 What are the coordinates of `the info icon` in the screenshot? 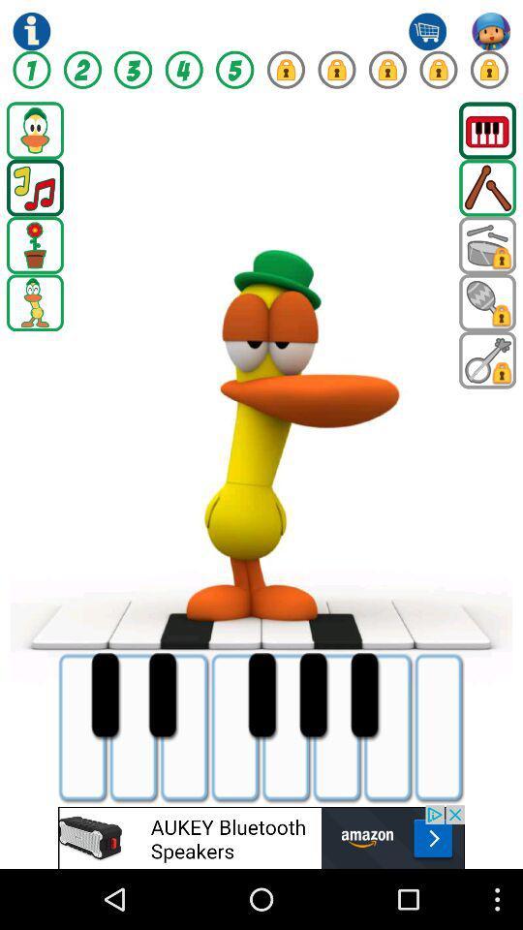 It's located at (30, 33).